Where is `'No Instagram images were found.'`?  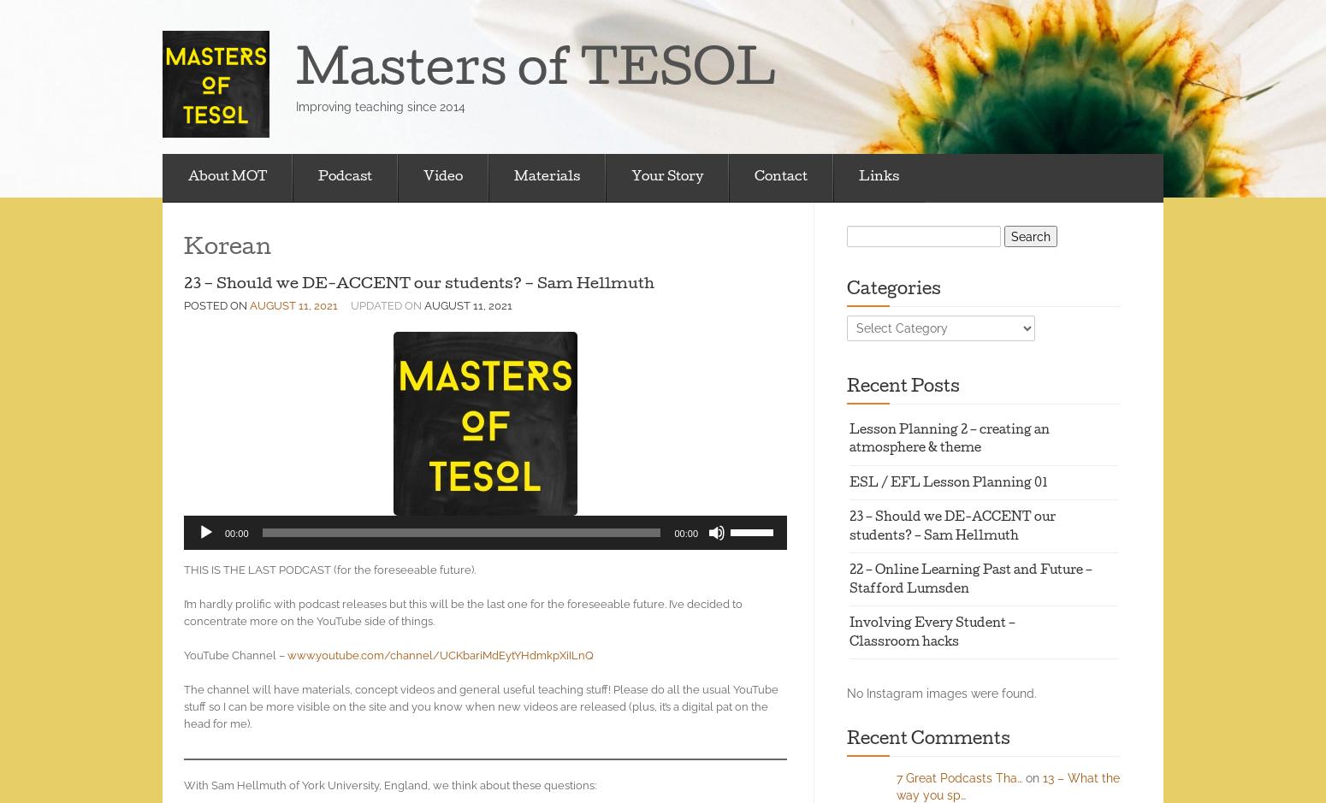 'No Instagram images were found.' is located at coordinates (845, 694).